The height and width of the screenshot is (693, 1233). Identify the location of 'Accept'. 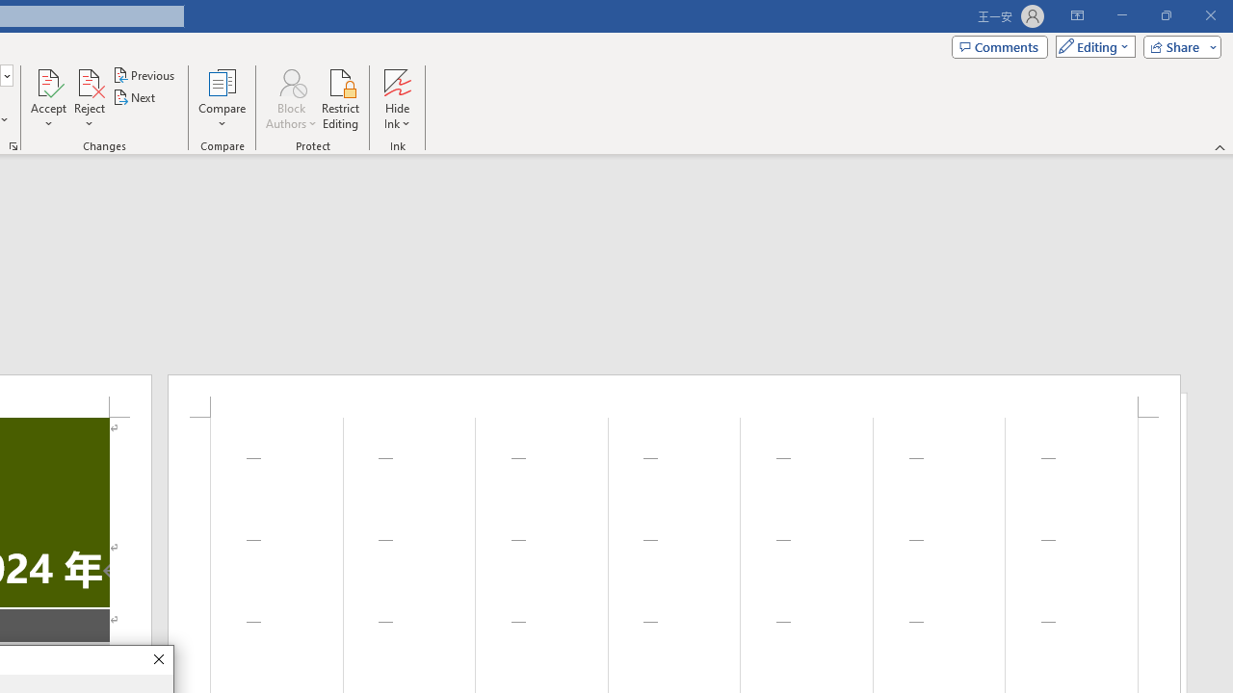
(48, 99).